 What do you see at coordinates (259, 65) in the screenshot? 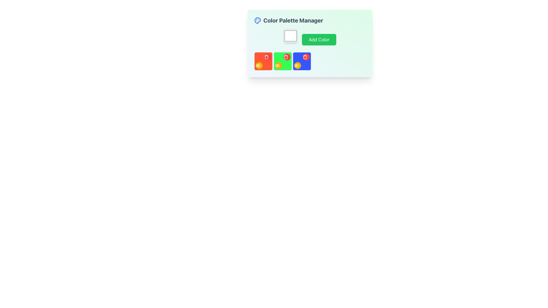
I see `the visibility toggle button located at the bottom-left corner of the red tile` at bounding box center [259, 65].